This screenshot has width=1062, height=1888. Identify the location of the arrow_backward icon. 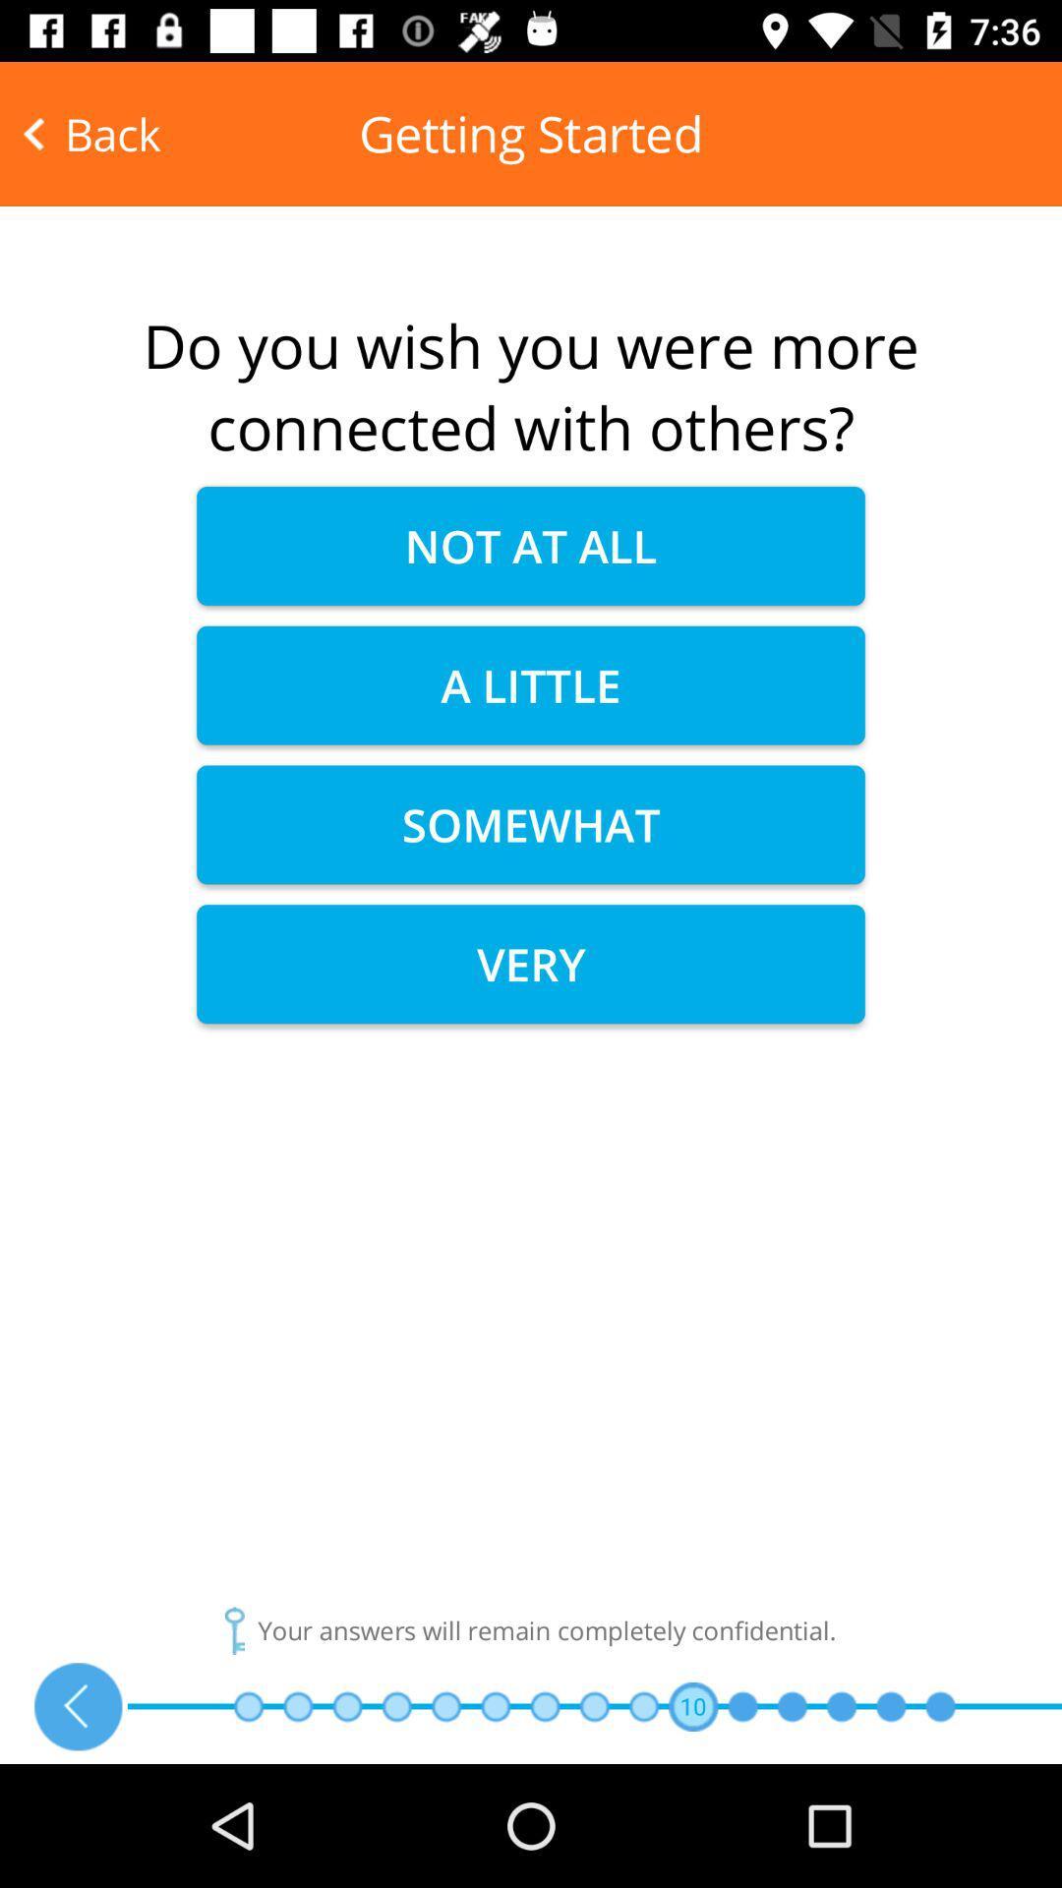
(77, 1705).